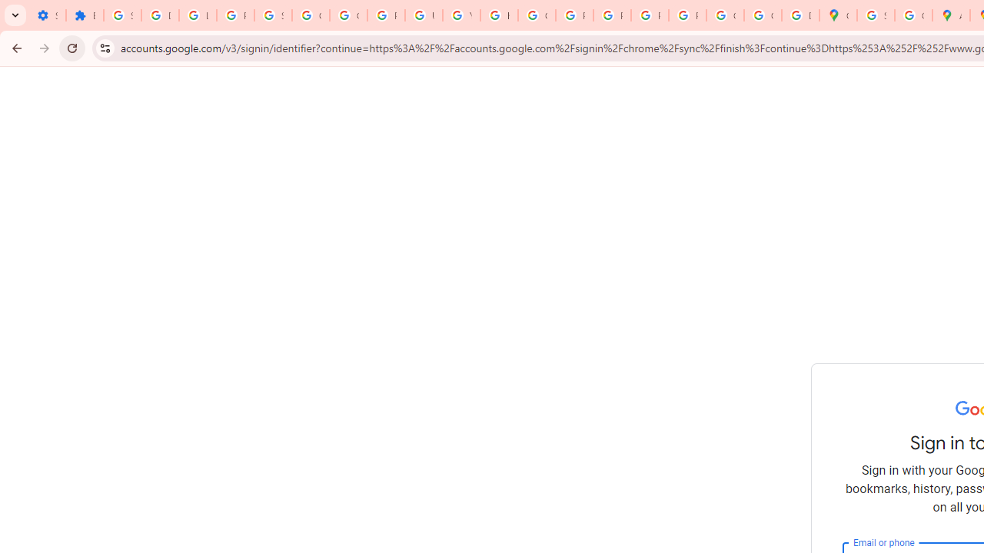  What do you see at coordinates (876, 15) in the screenshot?
I see `'Sign in - Google Accounts'` at bounding box center [876, 15].